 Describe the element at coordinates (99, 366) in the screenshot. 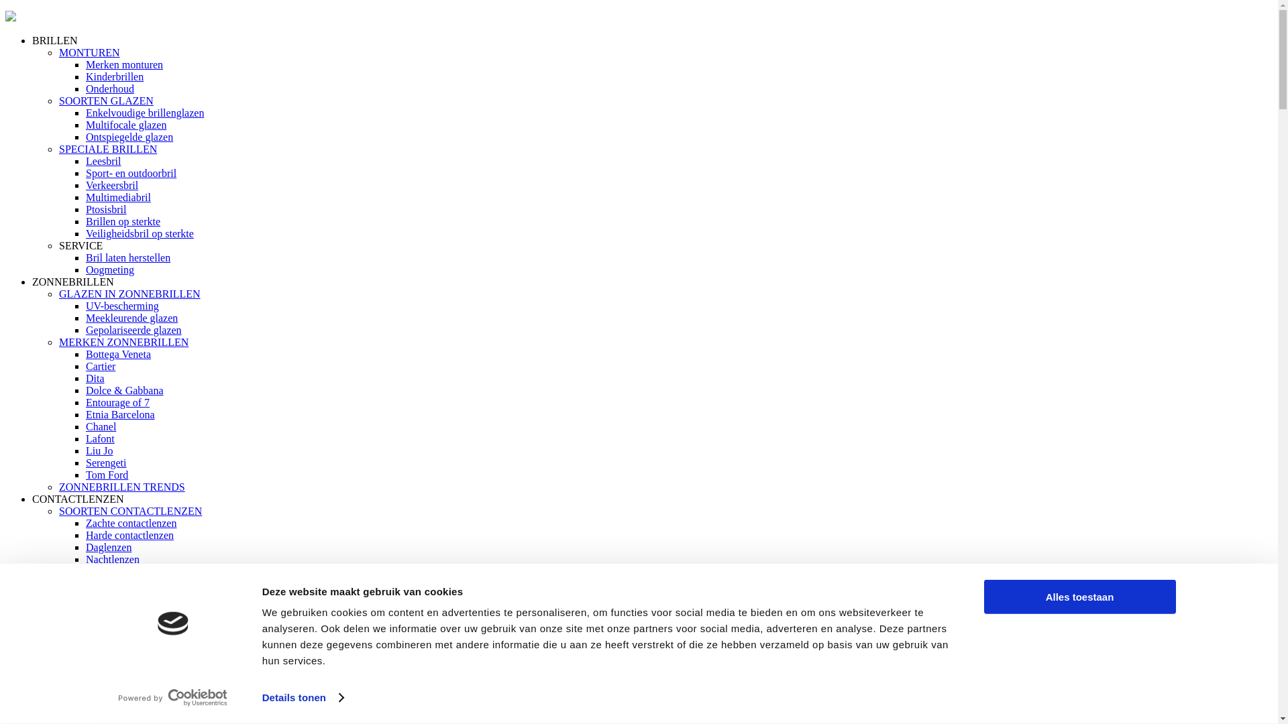

I see `'Cartier'` at that location.